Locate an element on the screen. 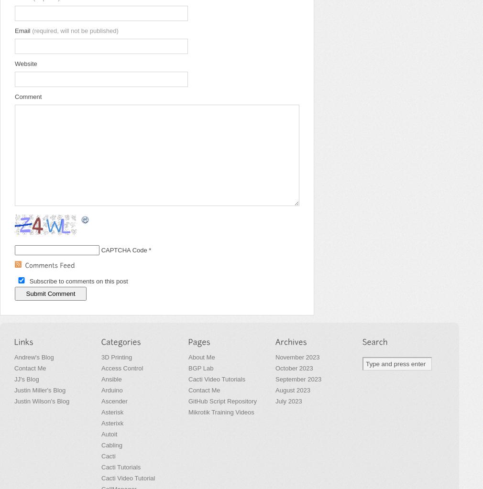  'Email' is located at coordinates (22, 30).